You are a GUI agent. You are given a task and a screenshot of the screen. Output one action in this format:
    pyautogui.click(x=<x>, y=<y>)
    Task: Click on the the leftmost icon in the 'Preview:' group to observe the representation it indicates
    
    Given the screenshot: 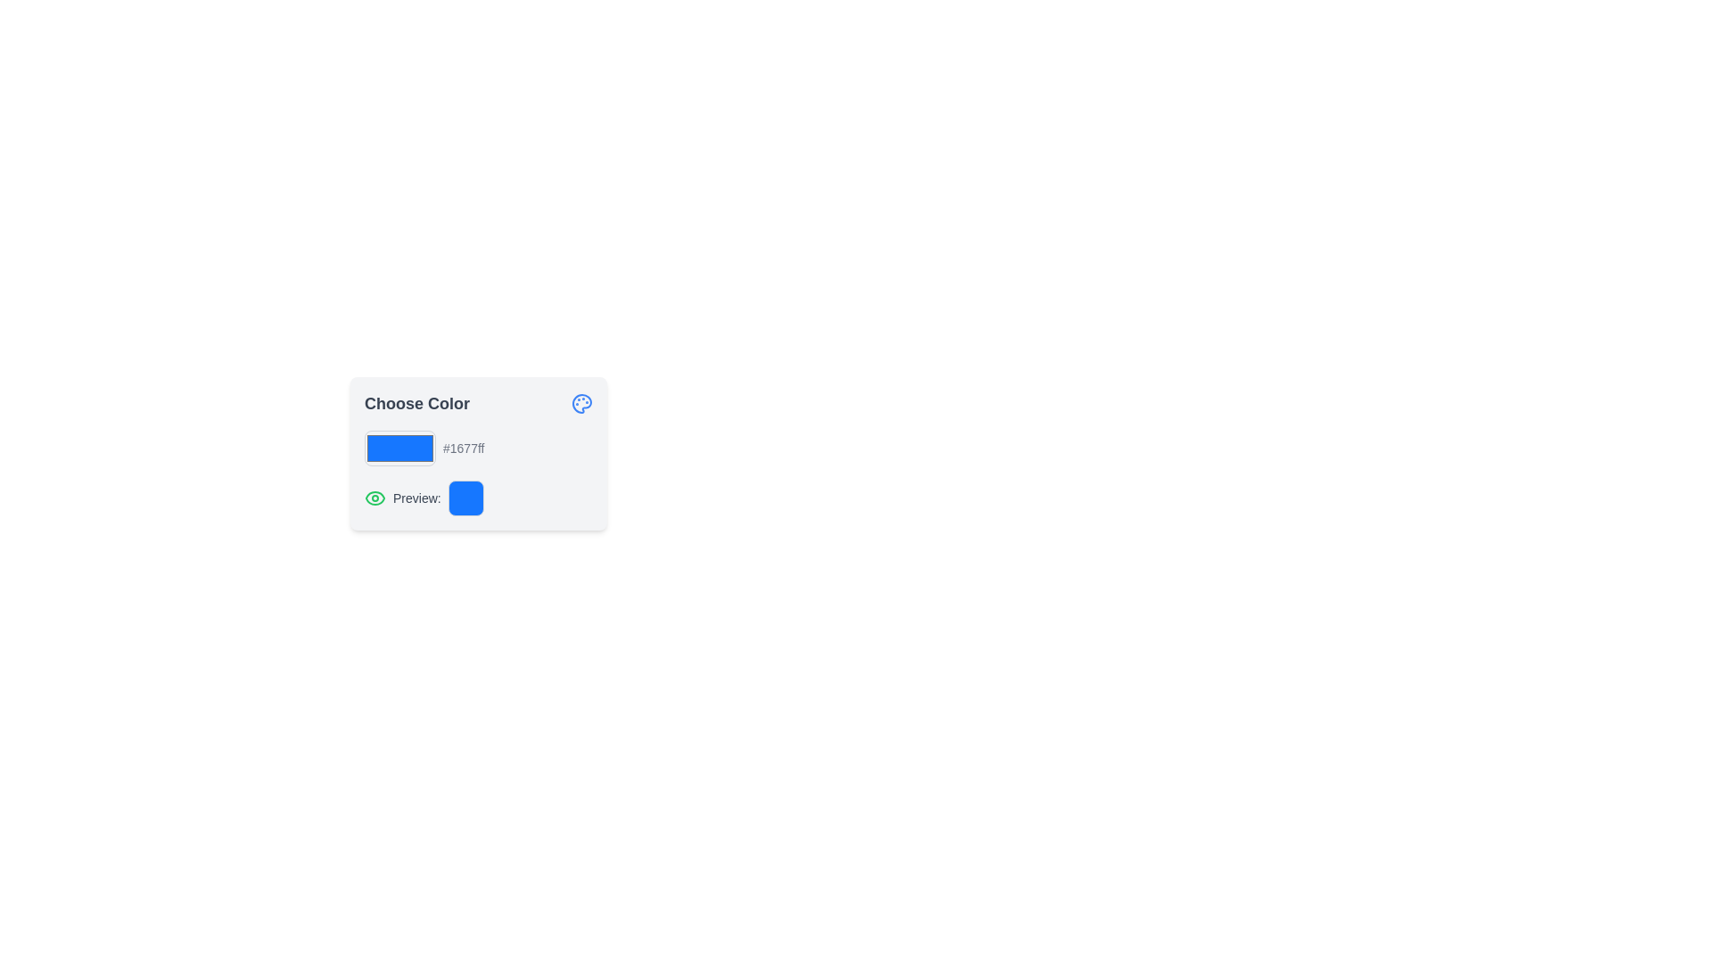 What is the action you would take?
    pyautogui.click(x=374, y=498)
    